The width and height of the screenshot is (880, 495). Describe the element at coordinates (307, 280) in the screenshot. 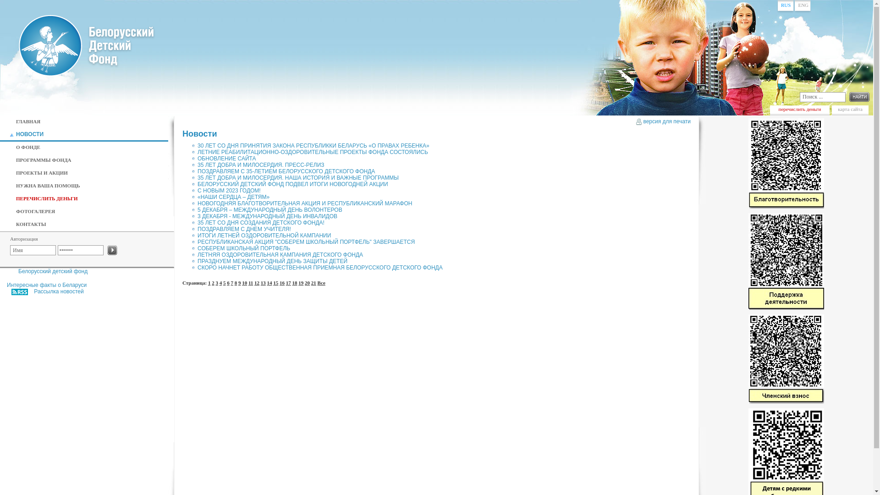

I see `'20'` at that location.